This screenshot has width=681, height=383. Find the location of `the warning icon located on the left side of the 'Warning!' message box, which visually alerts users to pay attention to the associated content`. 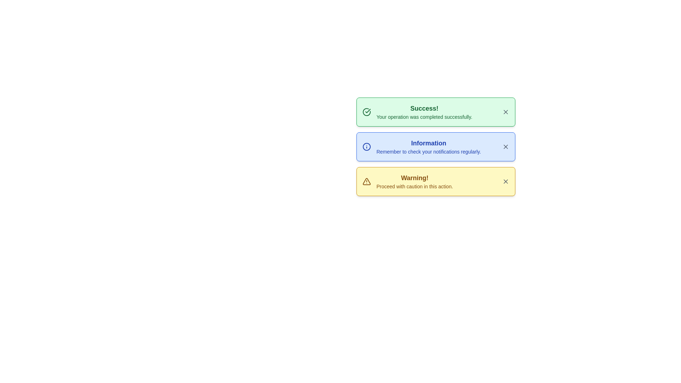

the warning icon located on the left side of the 'Warning!' message box, which visually alerts users to pay attention to the associated content is located at coordinates (366, 181).